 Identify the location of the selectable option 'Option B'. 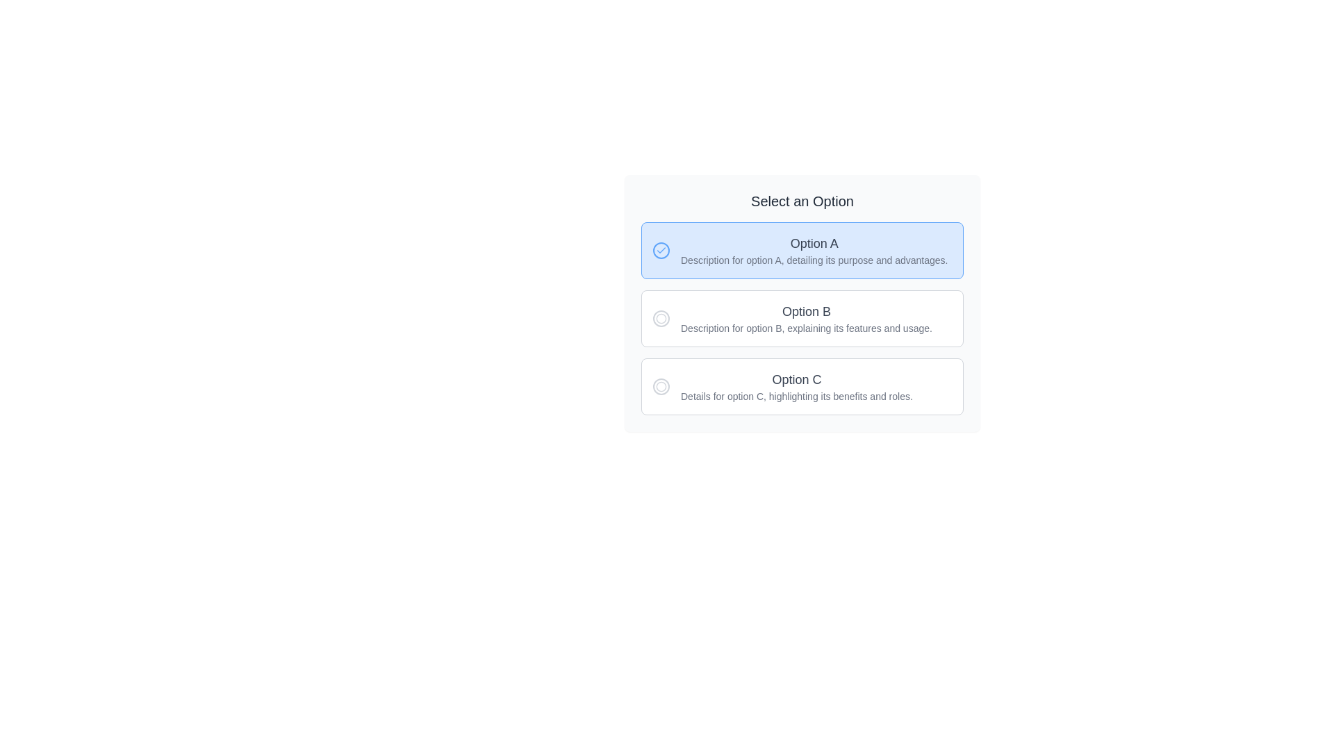
(807, 319).